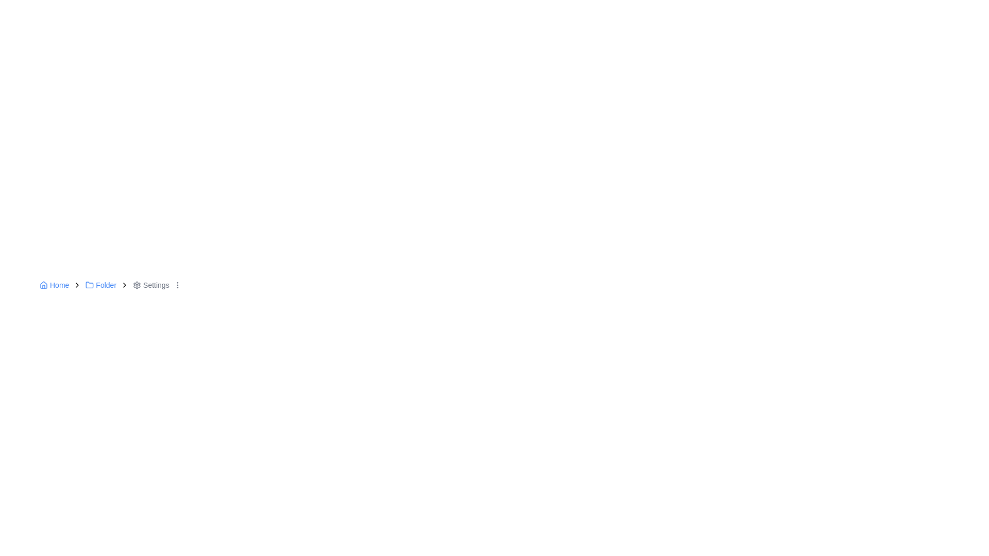 The image size is (989, 556). Describe the element at coordinates (43, 284) in the screenshot. I see `the top outline portion of the house icon in the breadcrumb navigation bar for UI navigation` at that location.